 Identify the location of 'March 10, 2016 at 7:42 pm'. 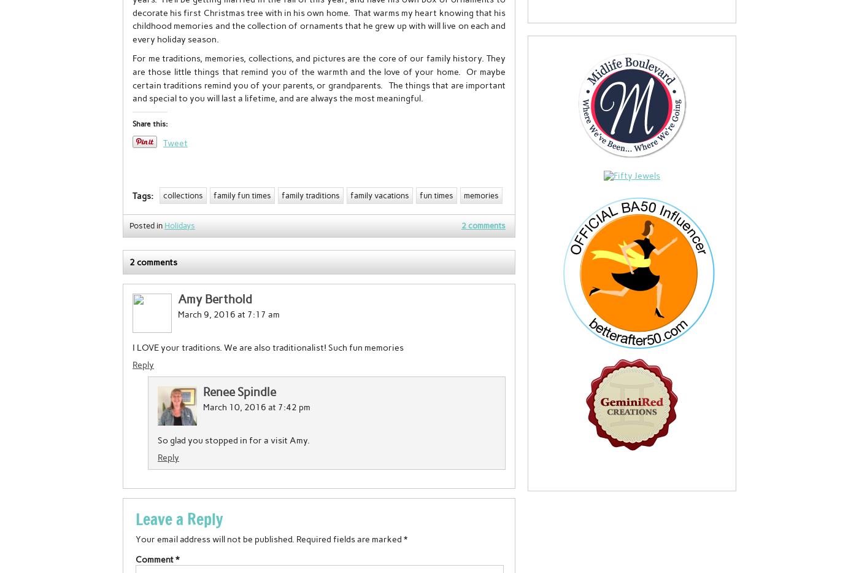
(202, 406).